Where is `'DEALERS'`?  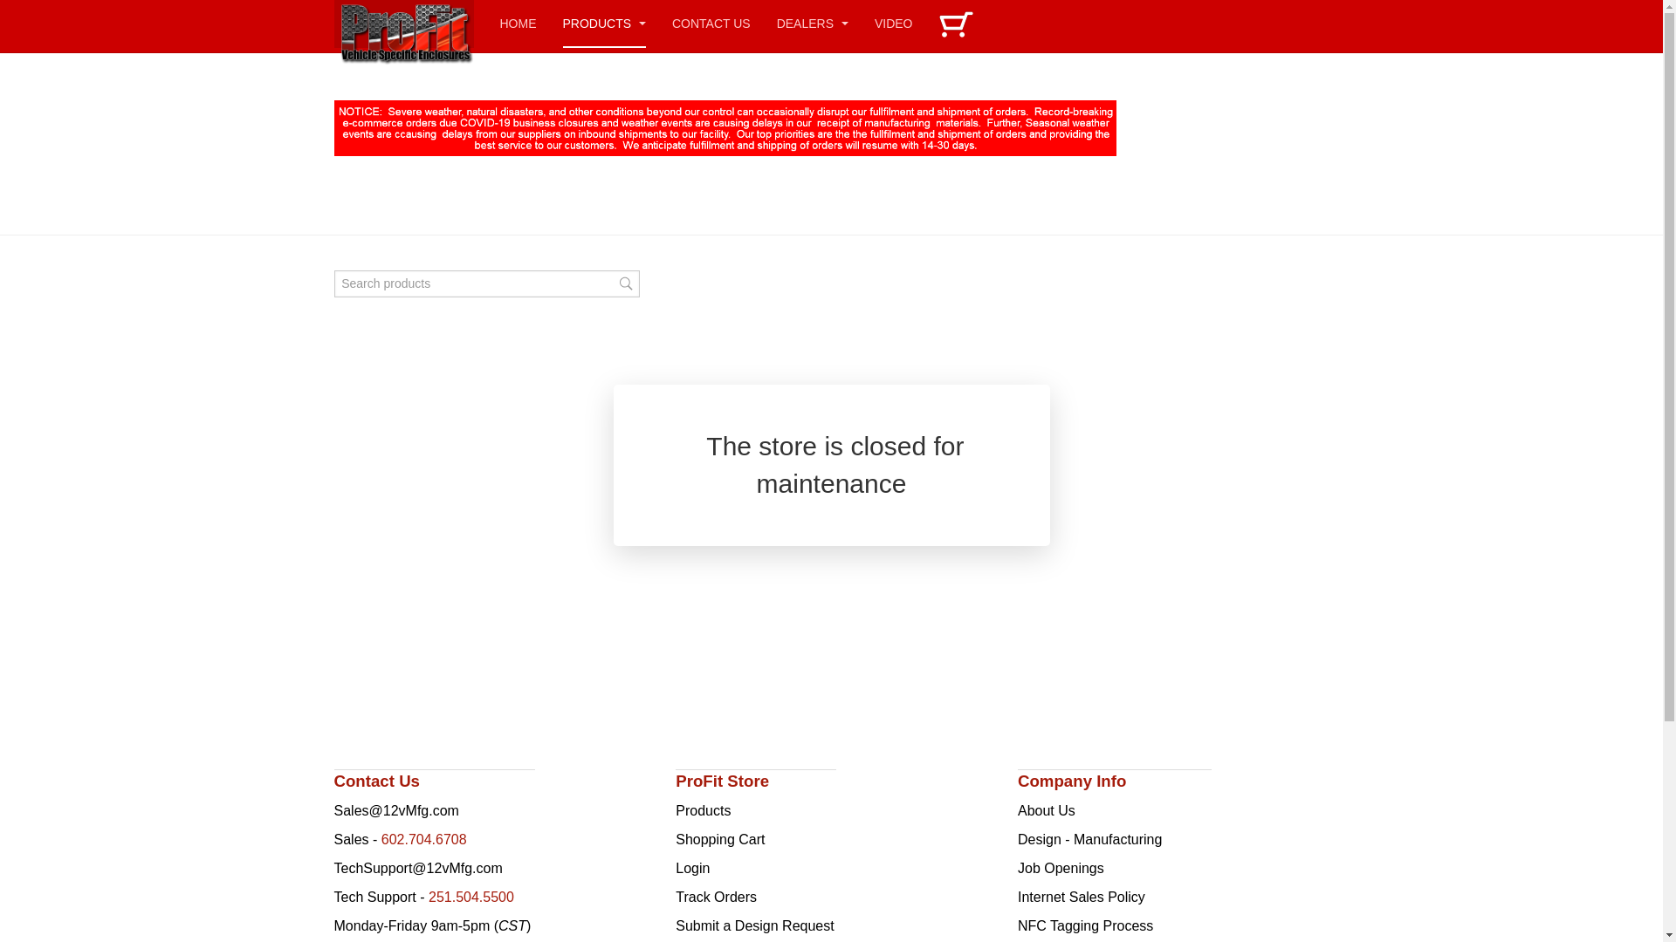 'DEALERS' is located at coordinates (812, 24).